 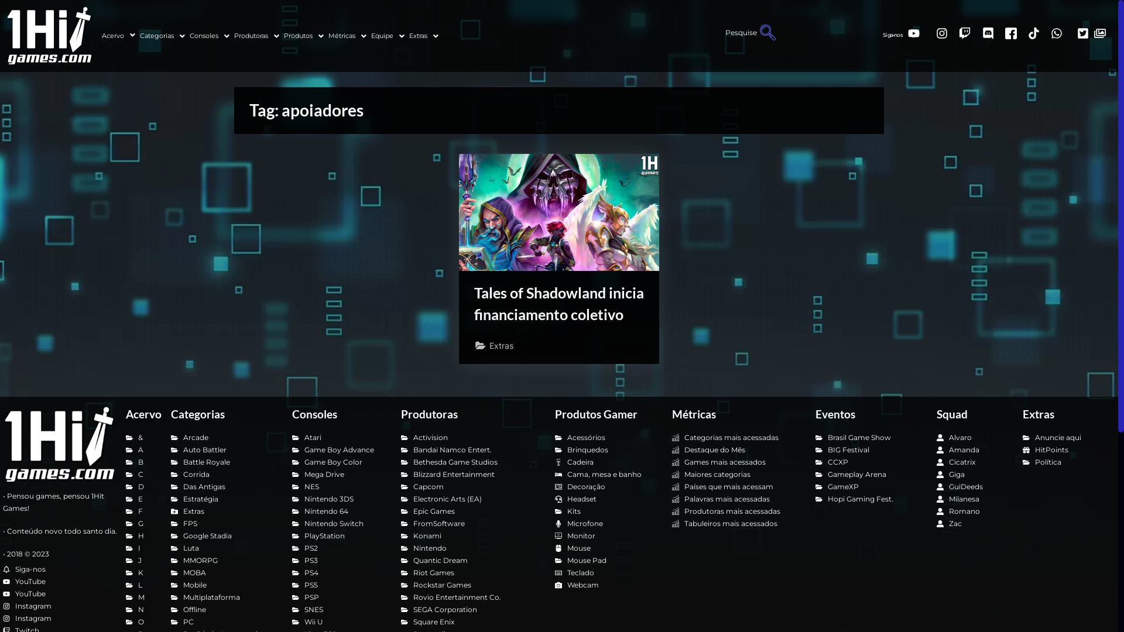 I want to click on 'Cama, mesa e banho', so click(x=608, y=474).